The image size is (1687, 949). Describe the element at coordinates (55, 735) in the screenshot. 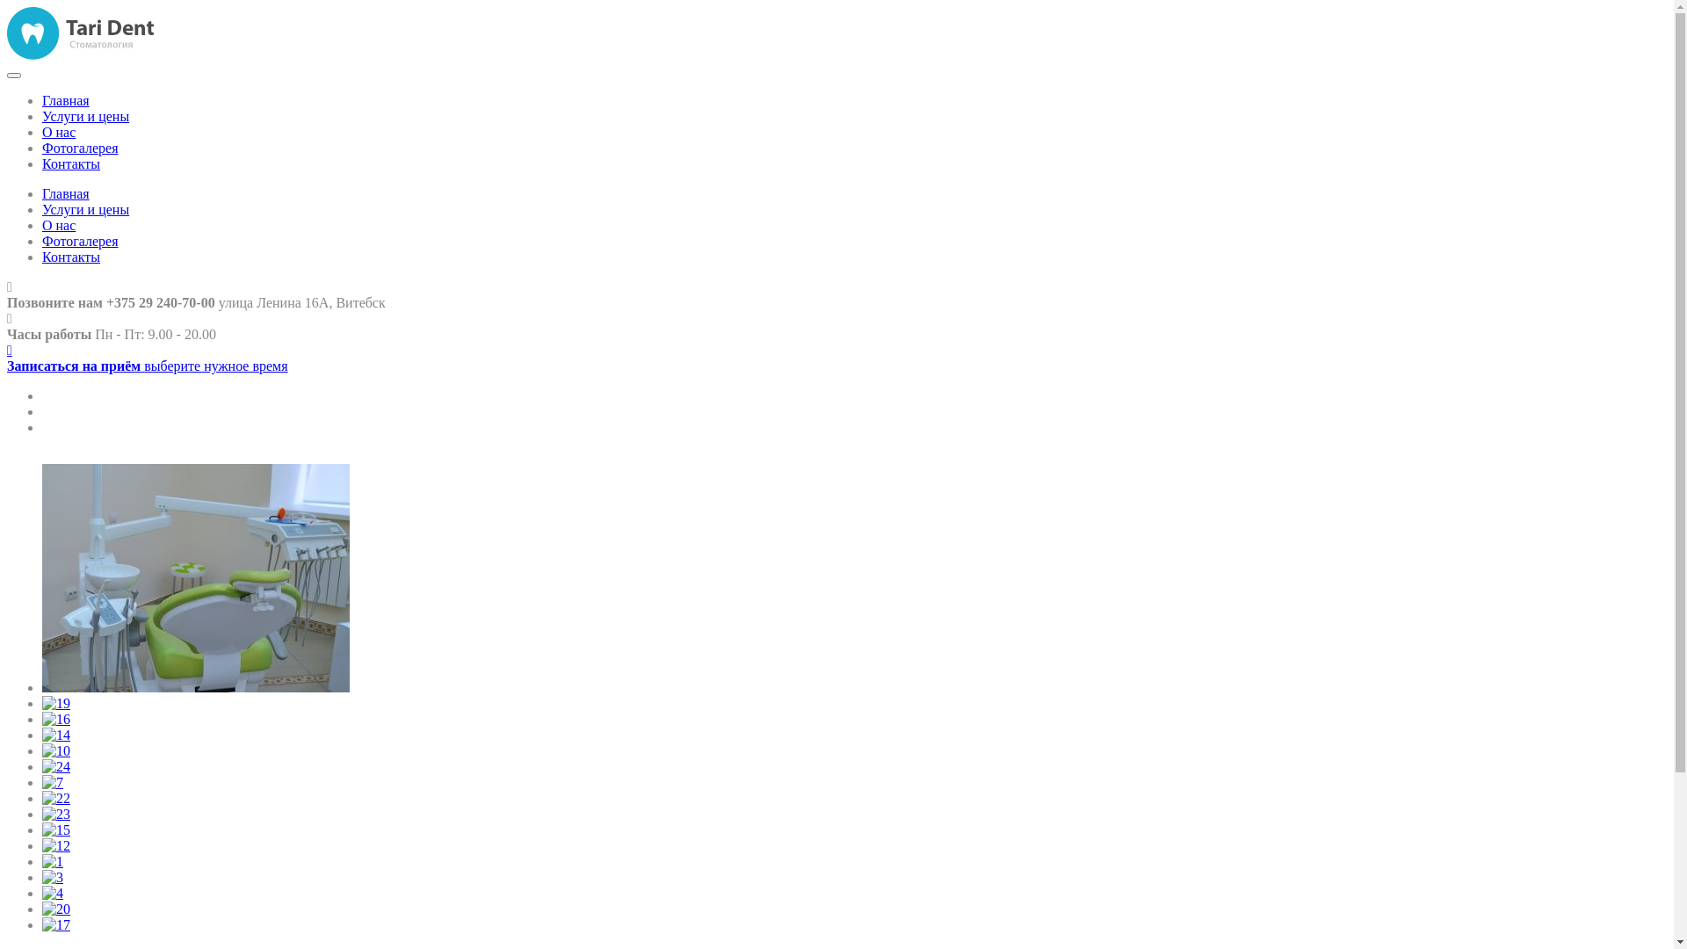

I see `'14'` at that location.